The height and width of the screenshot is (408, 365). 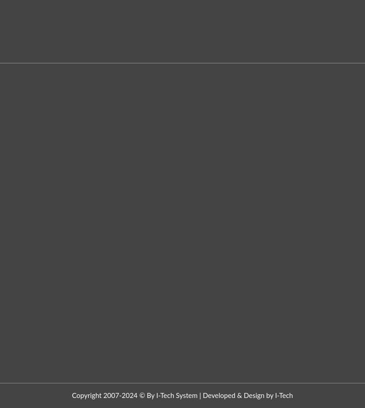 I want to click on 'Ph.:02536649111, Mob.:9096871111', so click(x=247, y=72).